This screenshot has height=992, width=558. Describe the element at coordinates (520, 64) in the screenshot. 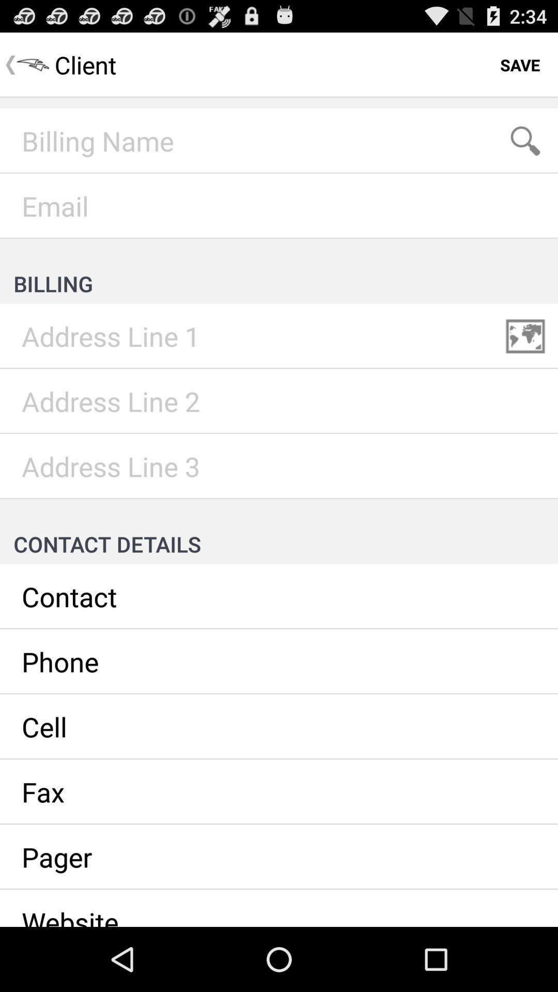

I see `save` at that location.